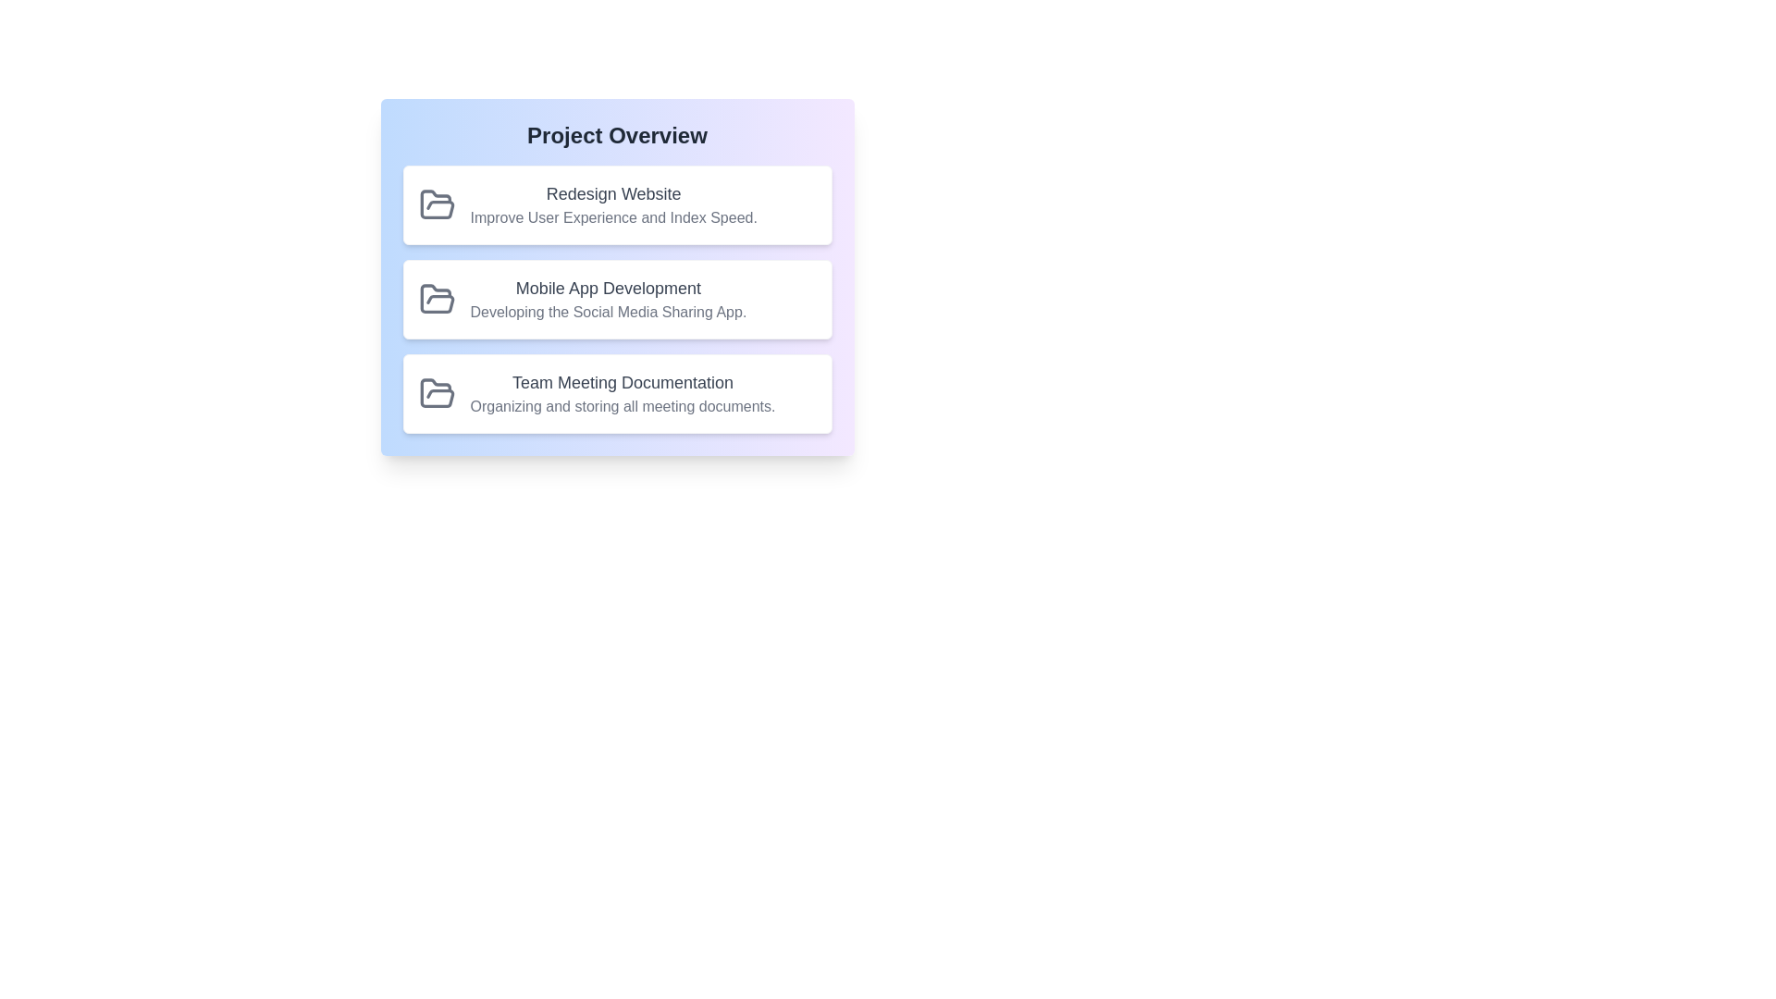 This screenshot has width=1776, height=999. What do you see at coordinates (617, 205) in the screenshot?
I see `the project with ID 1 to observe its visual style` at bounding box center [617, 205].